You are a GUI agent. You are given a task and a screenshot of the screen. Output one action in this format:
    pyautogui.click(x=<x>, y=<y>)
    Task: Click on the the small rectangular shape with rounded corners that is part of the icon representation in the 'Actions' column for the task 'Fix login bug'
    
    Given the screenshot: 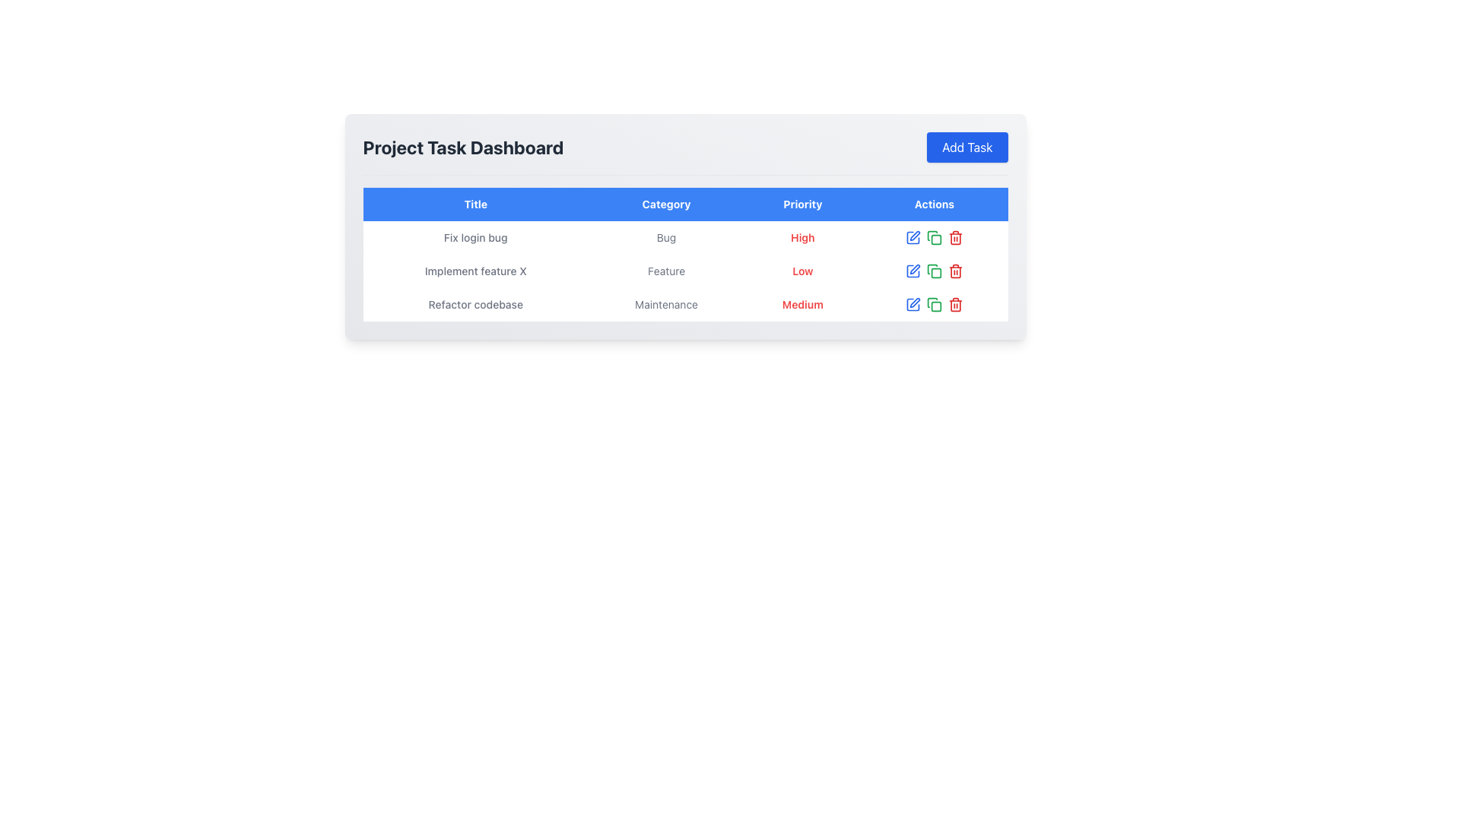 What is the action you would take?
    pyautogui.click(x=935, y=306)
    